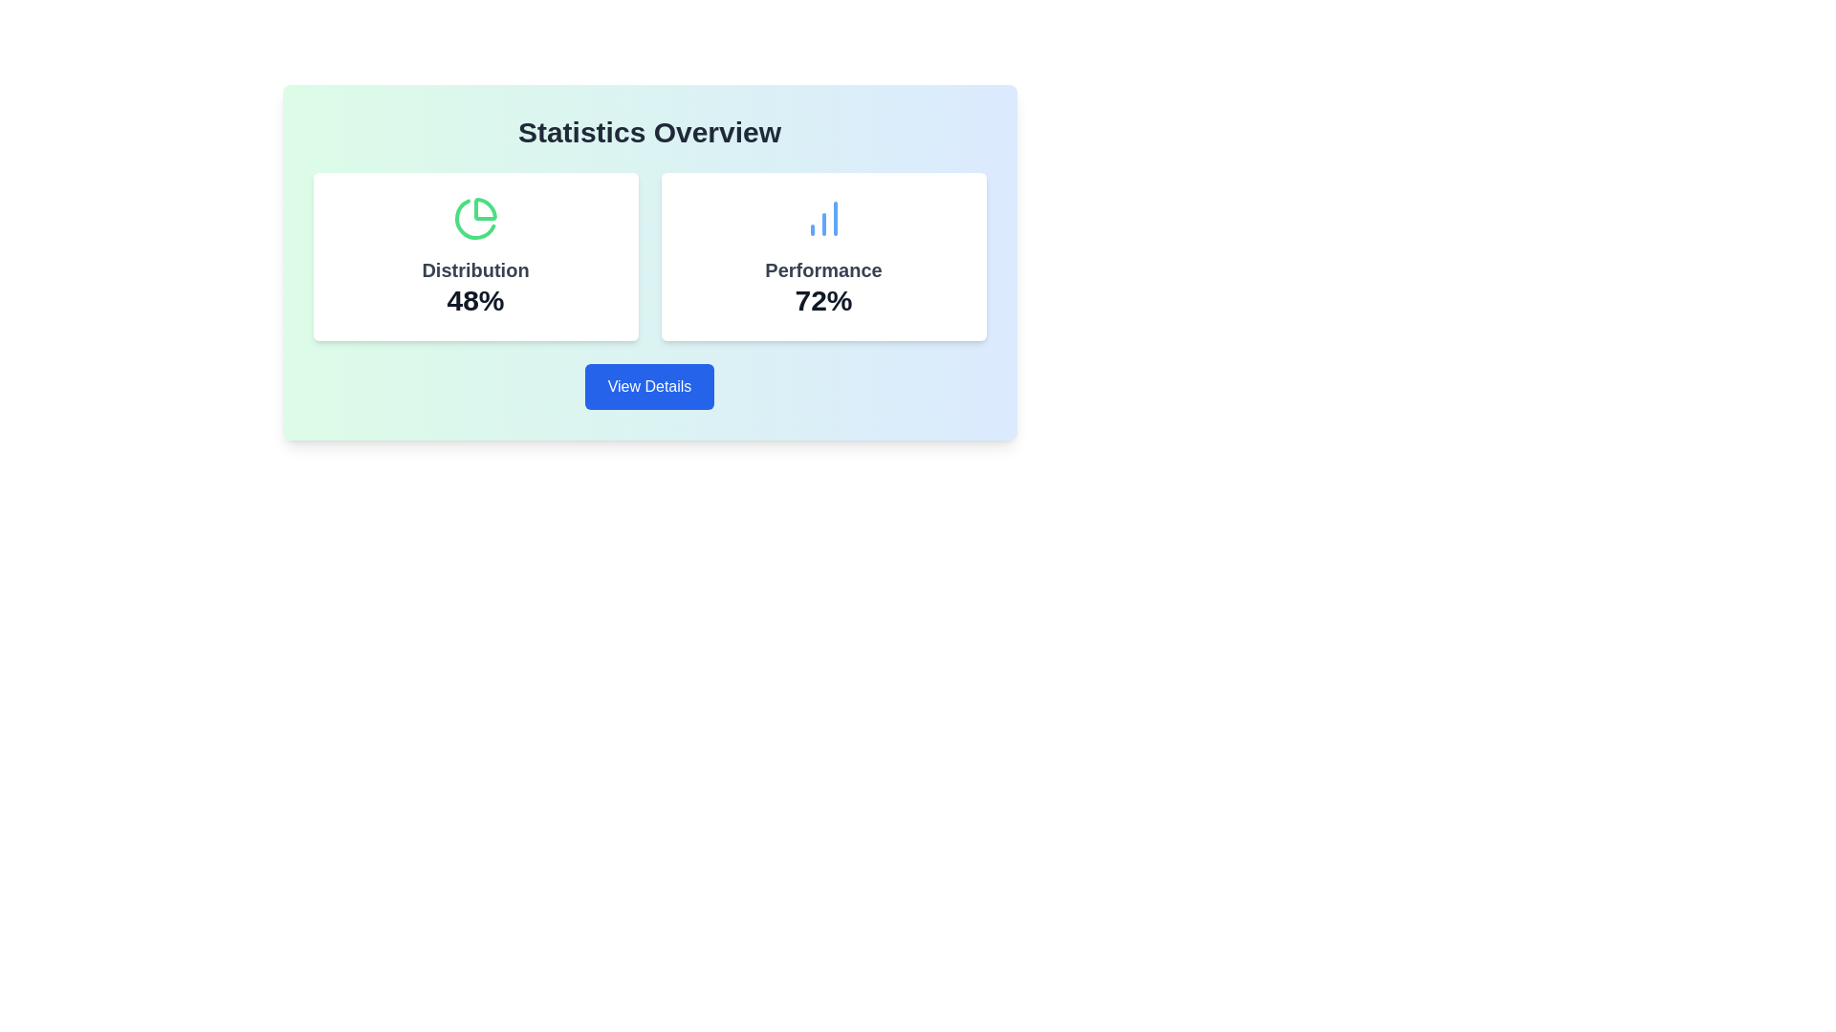 This screenshot has height=1032, width=1836. Describe the element at coordinates (823, 217) in the screenshot. I see `the details of the blue graphical icon consisting of three vertical bars of increasing height, located at the center of the 'Performance' card` at that location.